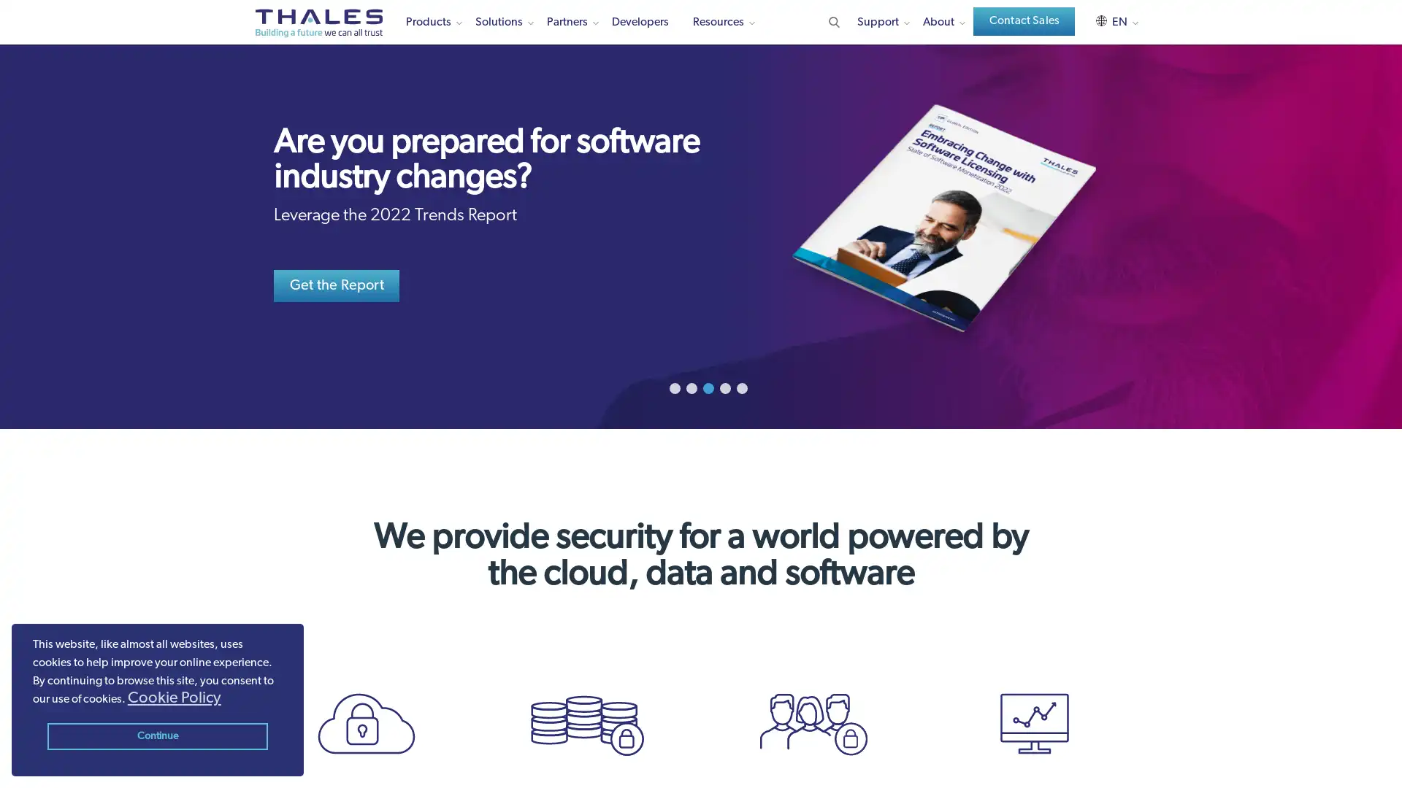  I want to click on 2, so click(690, 387).